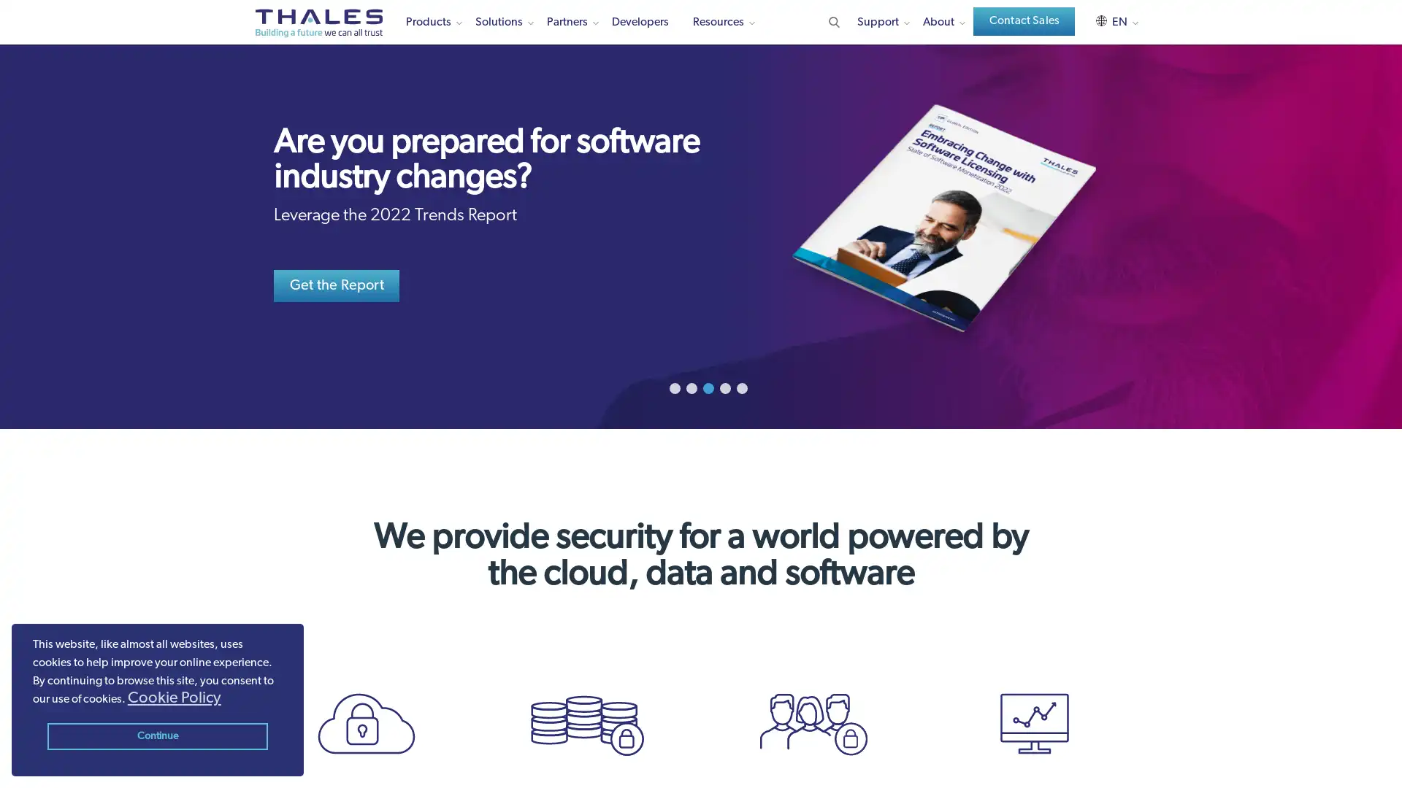  I want to click on 2, so click(690, 387).